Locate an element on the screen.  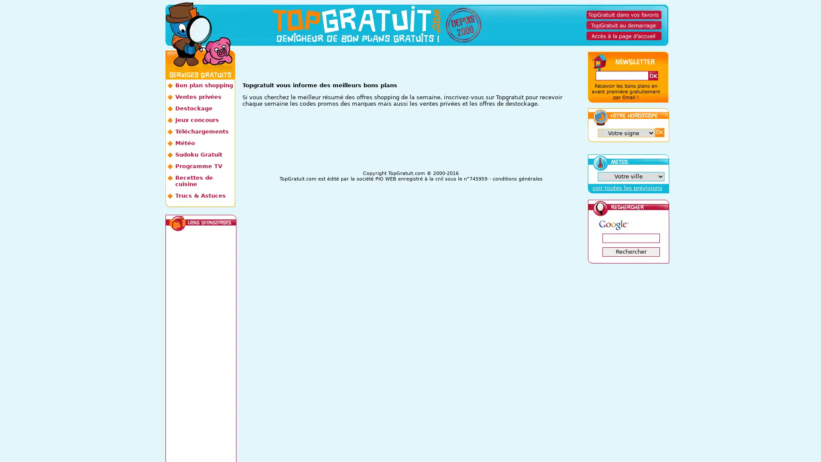
Submit is located at coordinates (659, 132).